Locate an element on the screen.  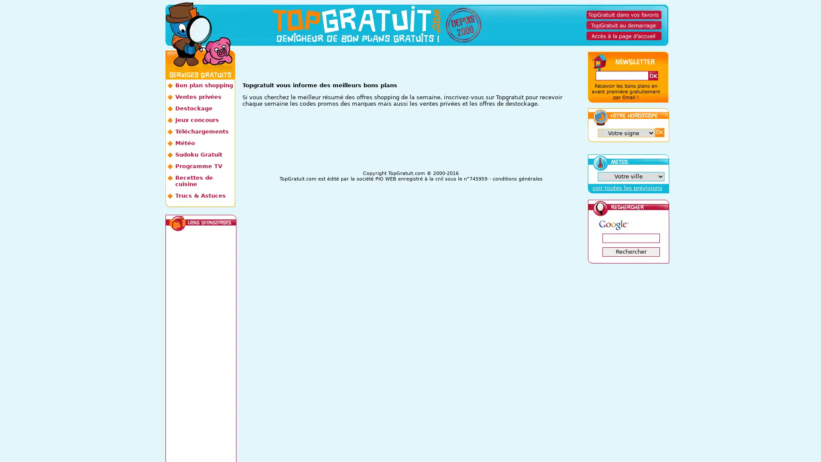
Submit is located at coordinates (659, 132).